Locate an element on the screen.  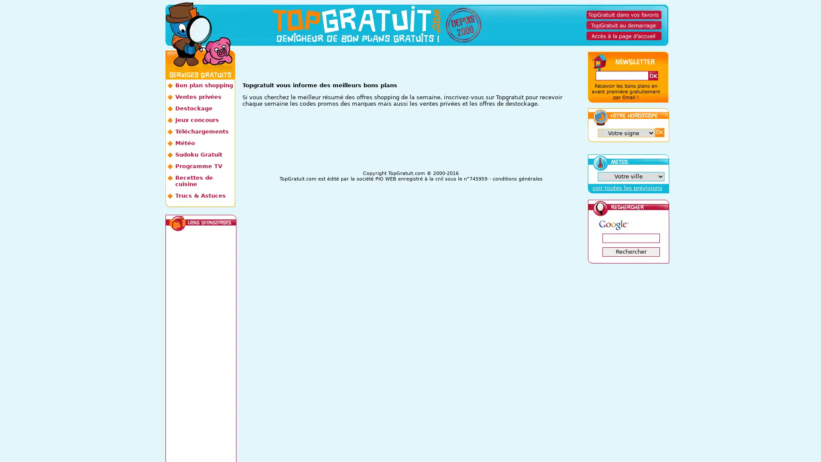
Submit is located at coordinates (659, 132).